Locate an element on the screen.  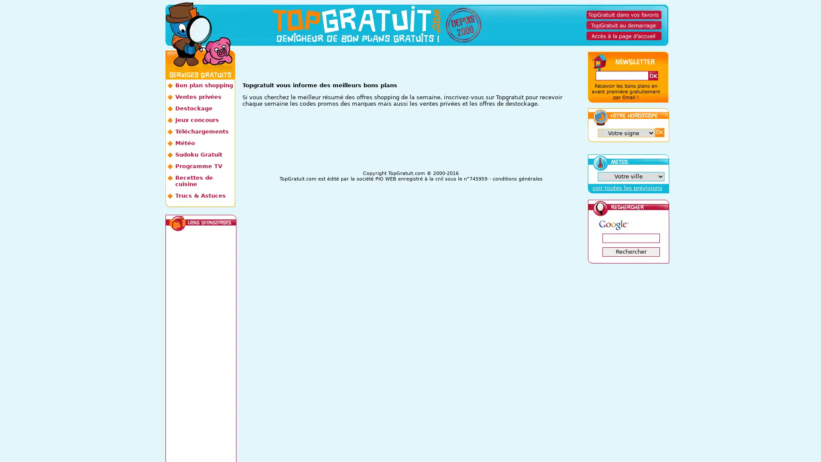
Submit is located at coordinates (659, 132).